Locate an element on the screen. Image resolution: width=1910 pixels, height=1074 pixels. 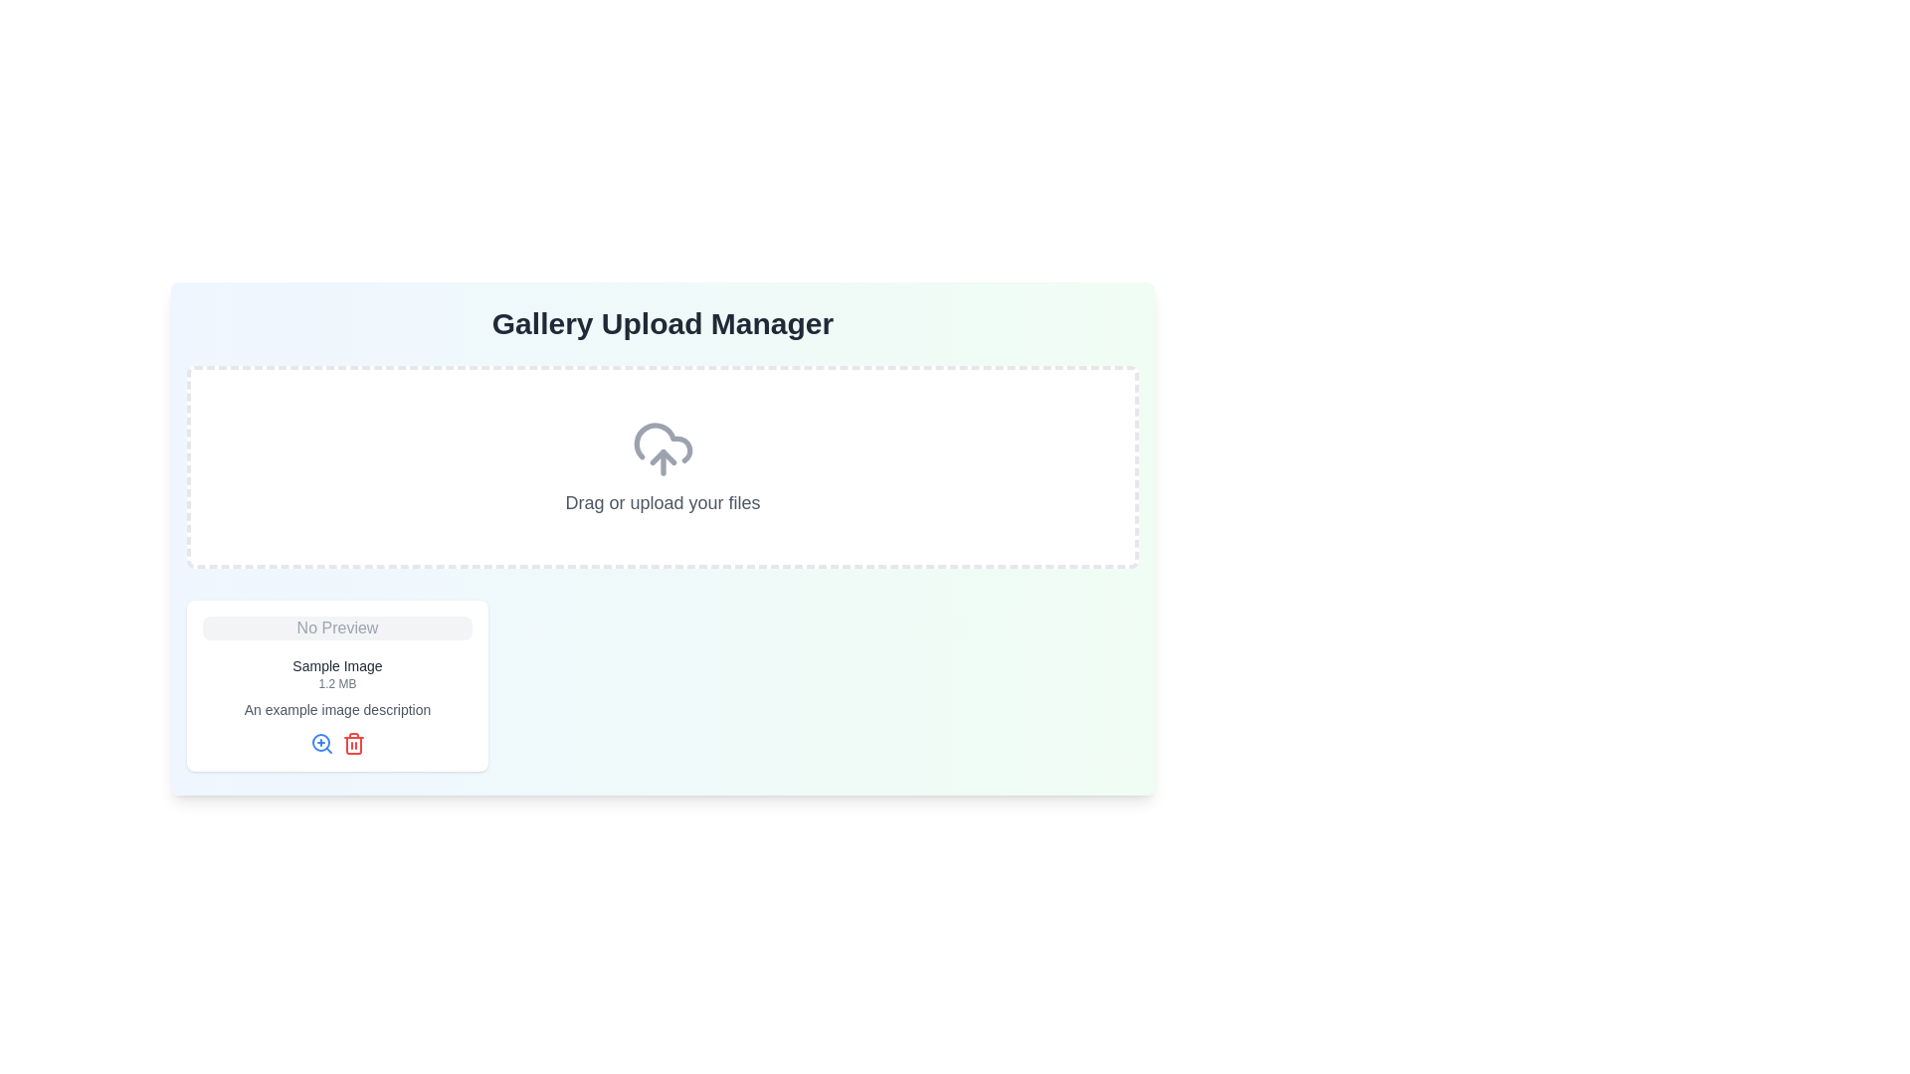
the blue magnifying glass icon with a plus symbol to zoom in, located at the bottom-left corner of the preview card, adjacent to the red trash icon is located at coordinates (321, 744).